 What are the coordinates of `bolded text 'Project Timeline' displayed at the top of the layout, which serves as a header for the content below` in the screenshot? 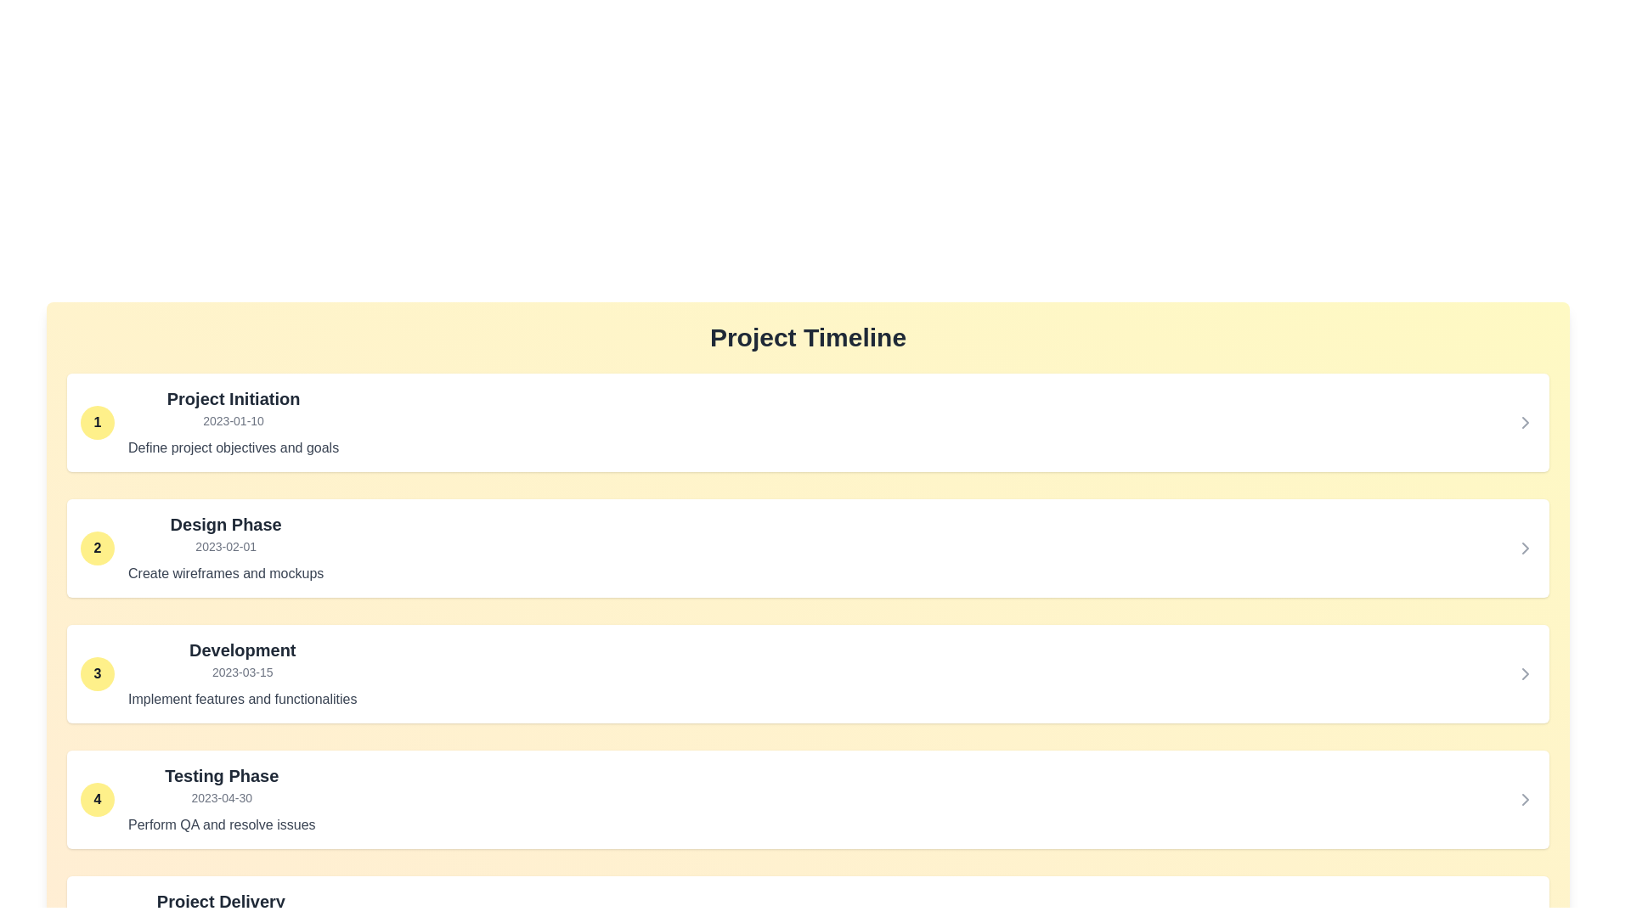 It's located at (807, 337).